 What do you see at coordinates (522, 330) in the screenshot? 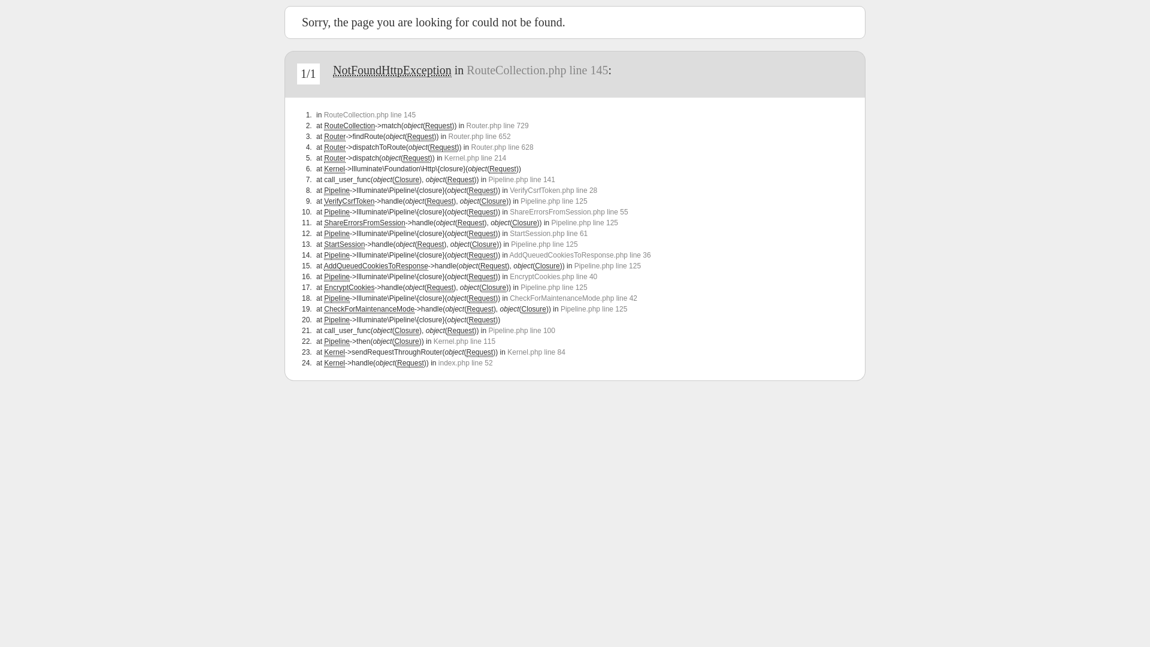
I see `'Pipeline.php line 100'` at bounding box center [522, 330].